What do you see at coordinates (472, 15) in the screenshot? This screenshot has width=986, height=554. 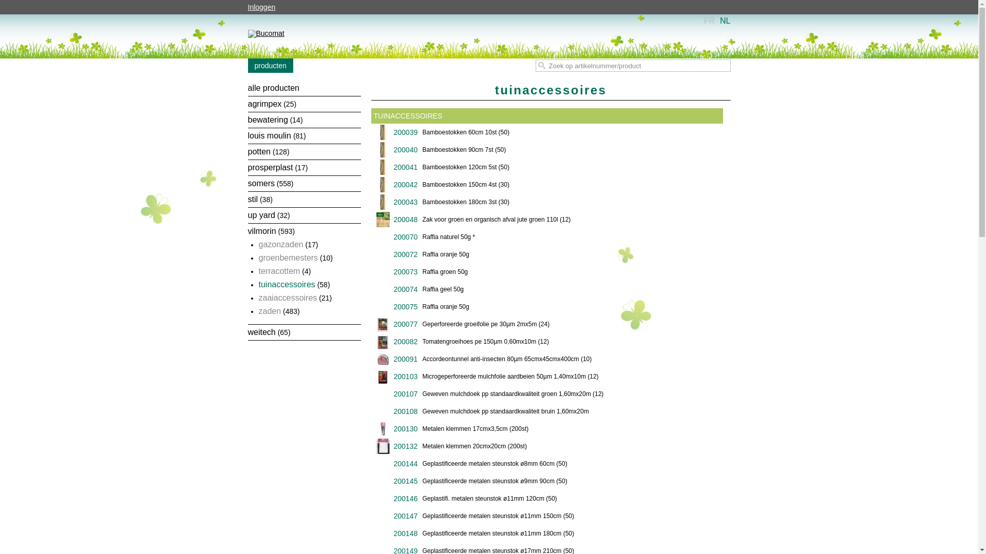 I see `'Overslaan en naar de inhoud gaan'` at bounding box center [472, 15].